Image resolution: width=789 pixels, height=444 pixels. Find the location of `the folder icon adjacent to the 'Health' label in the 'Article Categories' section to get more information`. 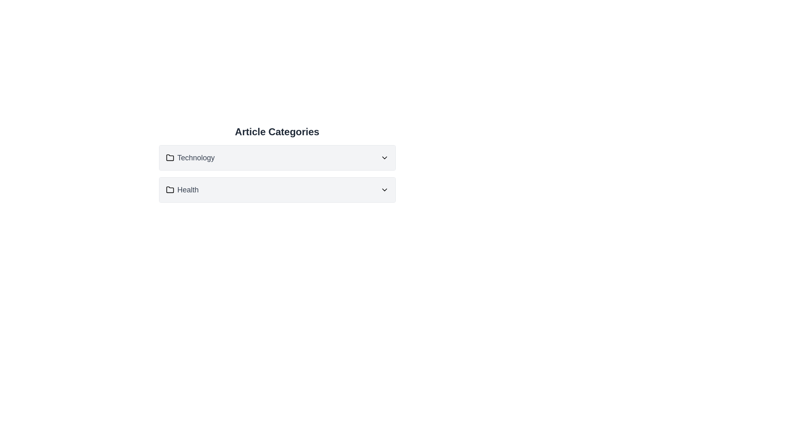

the folder icon adjacent to the 'Health' label in the 'Article Categories' section to get more information is located at coordinates (169, 190).